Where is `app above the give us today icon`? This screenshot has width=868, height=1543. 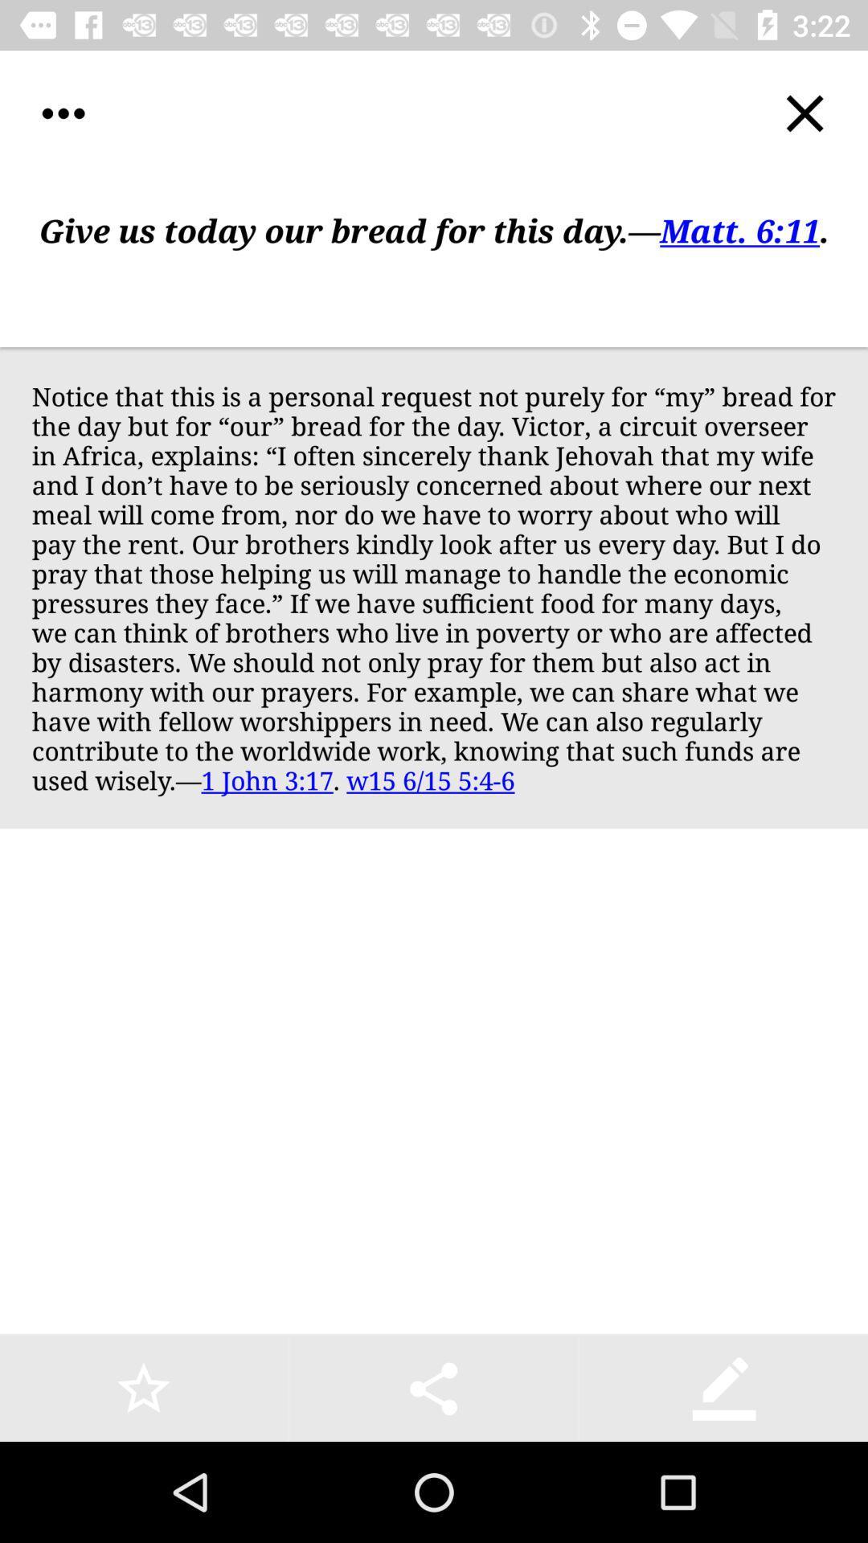
app above the give us today icon is located at coordinates (805, 113).